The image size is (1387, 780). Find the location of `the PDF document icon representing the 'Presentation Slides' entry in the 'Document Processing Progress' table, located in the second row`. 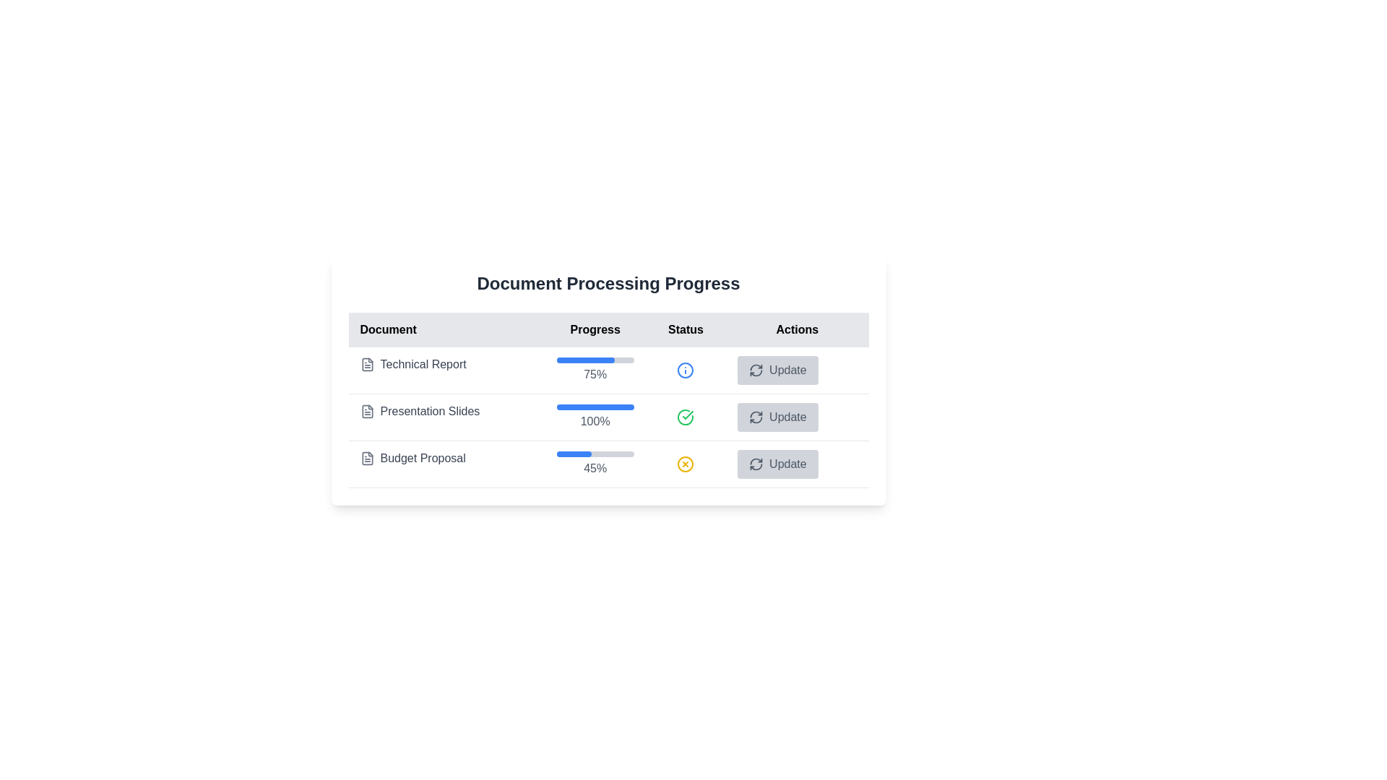

the PDF document icon representing the 'Presentation Slides' entry in the 'Document Processing Progress' table, located in the second row is located at coordinates (367, 412).